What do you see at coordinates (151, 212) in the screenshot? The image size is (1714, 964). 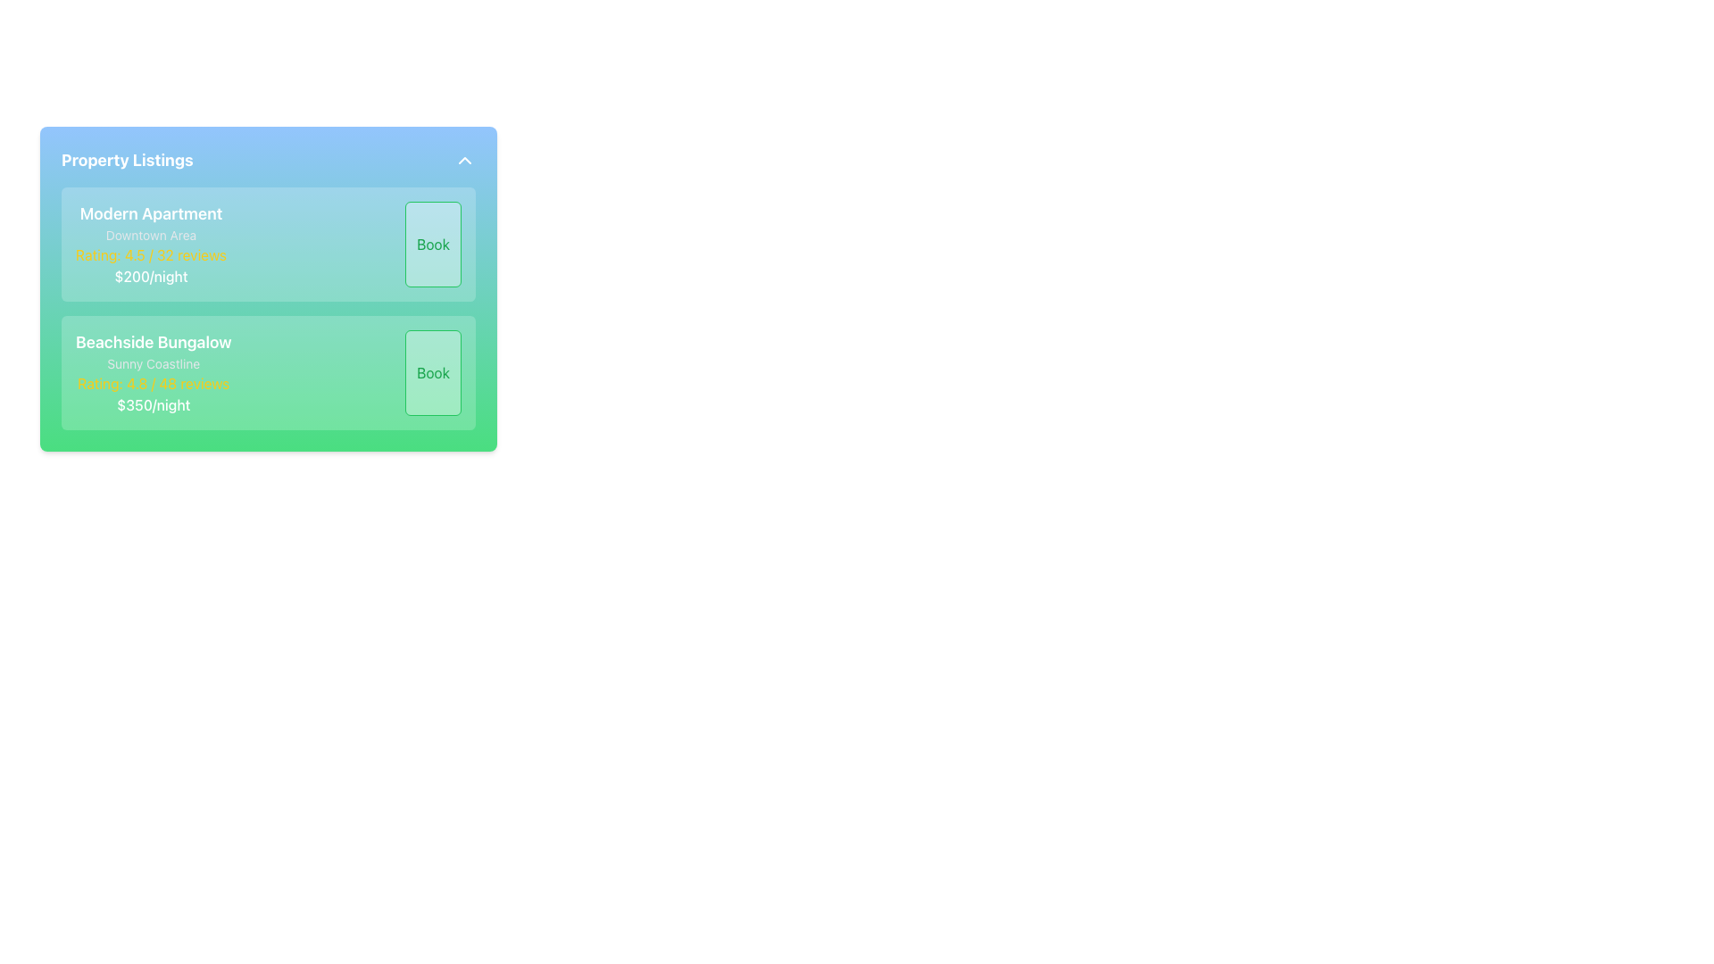 I see `the text label that serves as the title or heading for the property listing, located in the top-left corner of the 'Property Listings' box` at bounding box center [151, 212].